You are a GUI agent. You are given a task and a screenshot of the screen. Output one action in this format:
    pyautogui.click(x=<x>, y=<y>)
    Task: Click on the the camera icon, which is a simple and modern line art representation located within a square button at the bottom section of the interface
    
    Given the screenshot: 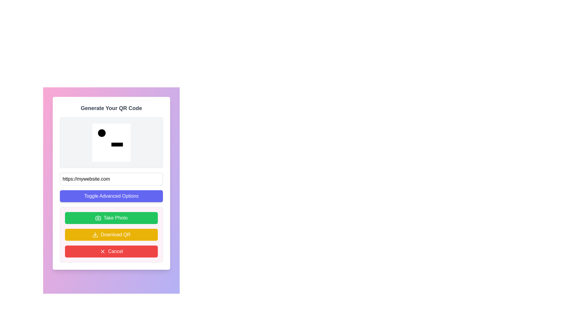 What is the action you would take?
    pyautogui.click(x=98, y=218)
    